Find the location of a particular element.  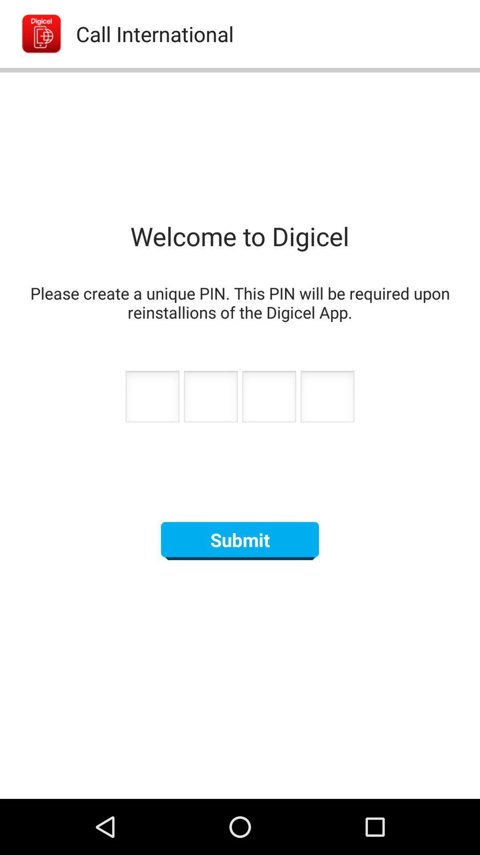

icon next to call international app is located at coordinates (32, 34).